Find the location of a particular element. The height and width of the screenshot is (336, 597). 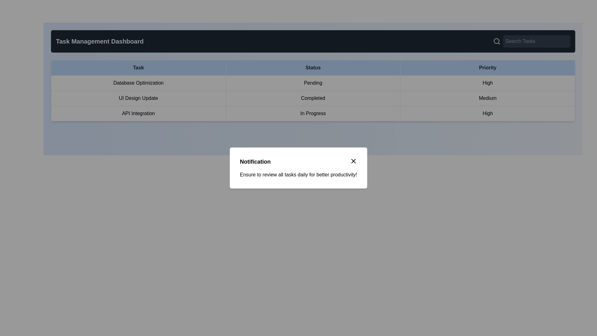

the table header row in the Task Management Dashboard that indicates columns for tasks, statuses, and priorities is located at coordinates (313, 68).